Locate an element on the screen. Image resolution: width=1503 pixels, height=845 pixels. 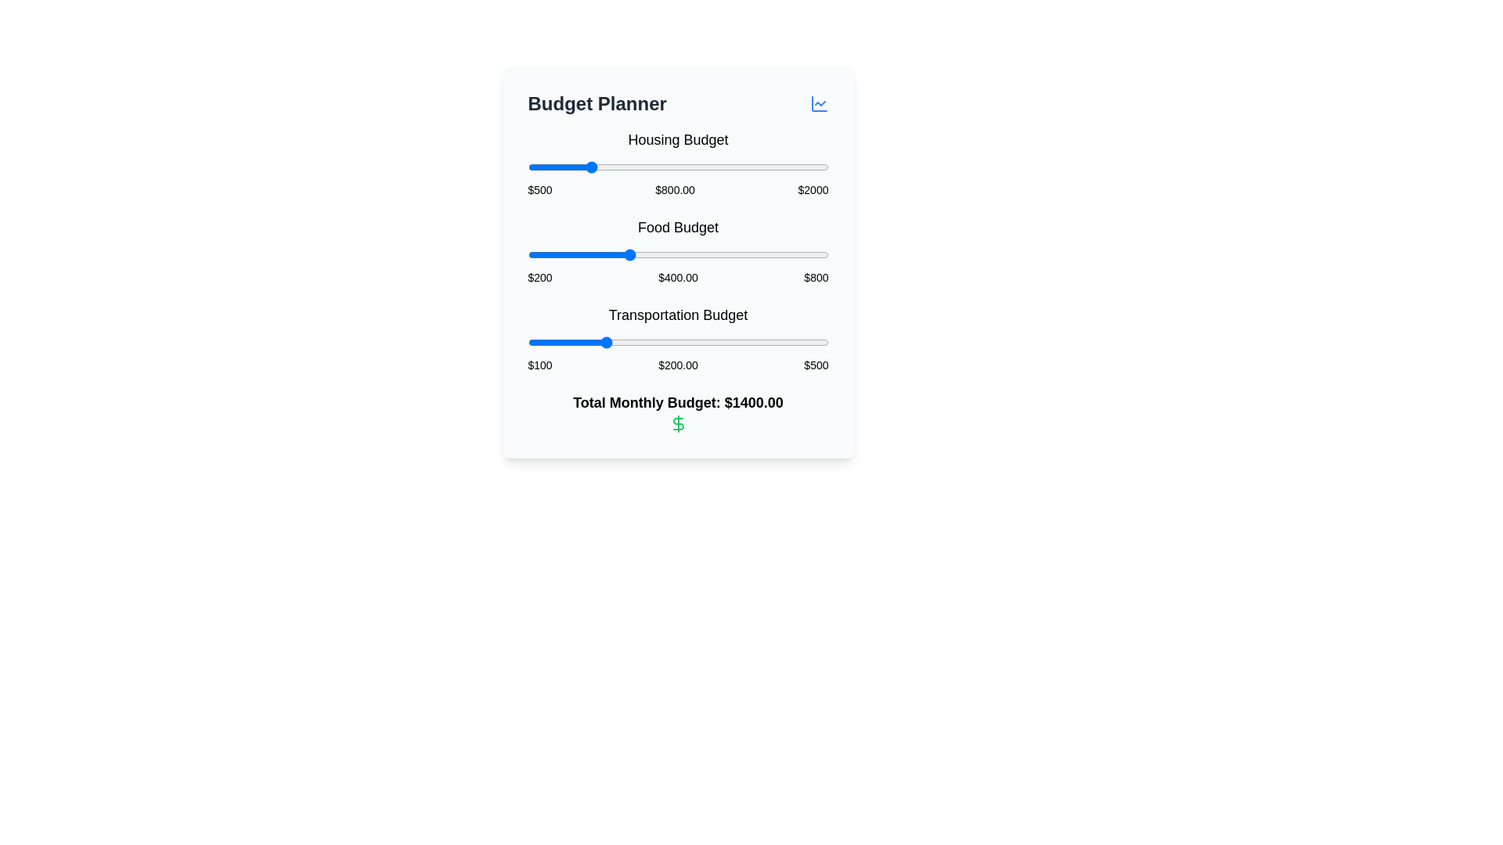
the Food Budget slider is located at coordinates (800, 254).